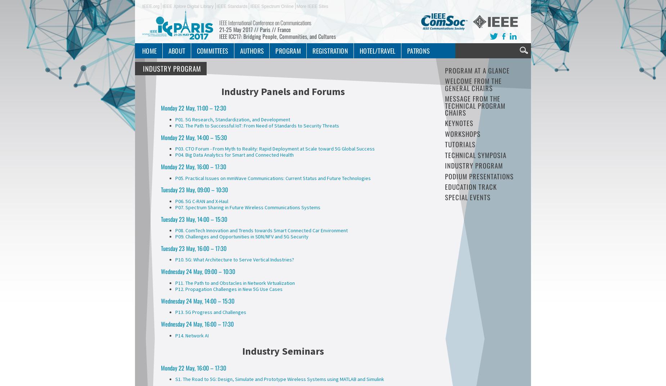 The width and height of the screenshot is (666, 386). What do you see at coordinates (261, 230) in the screenshot?
I see `'P08. ComTech Innovation and Trends towards Smart Connected Car Environment'` at bounding box center [261, 230].